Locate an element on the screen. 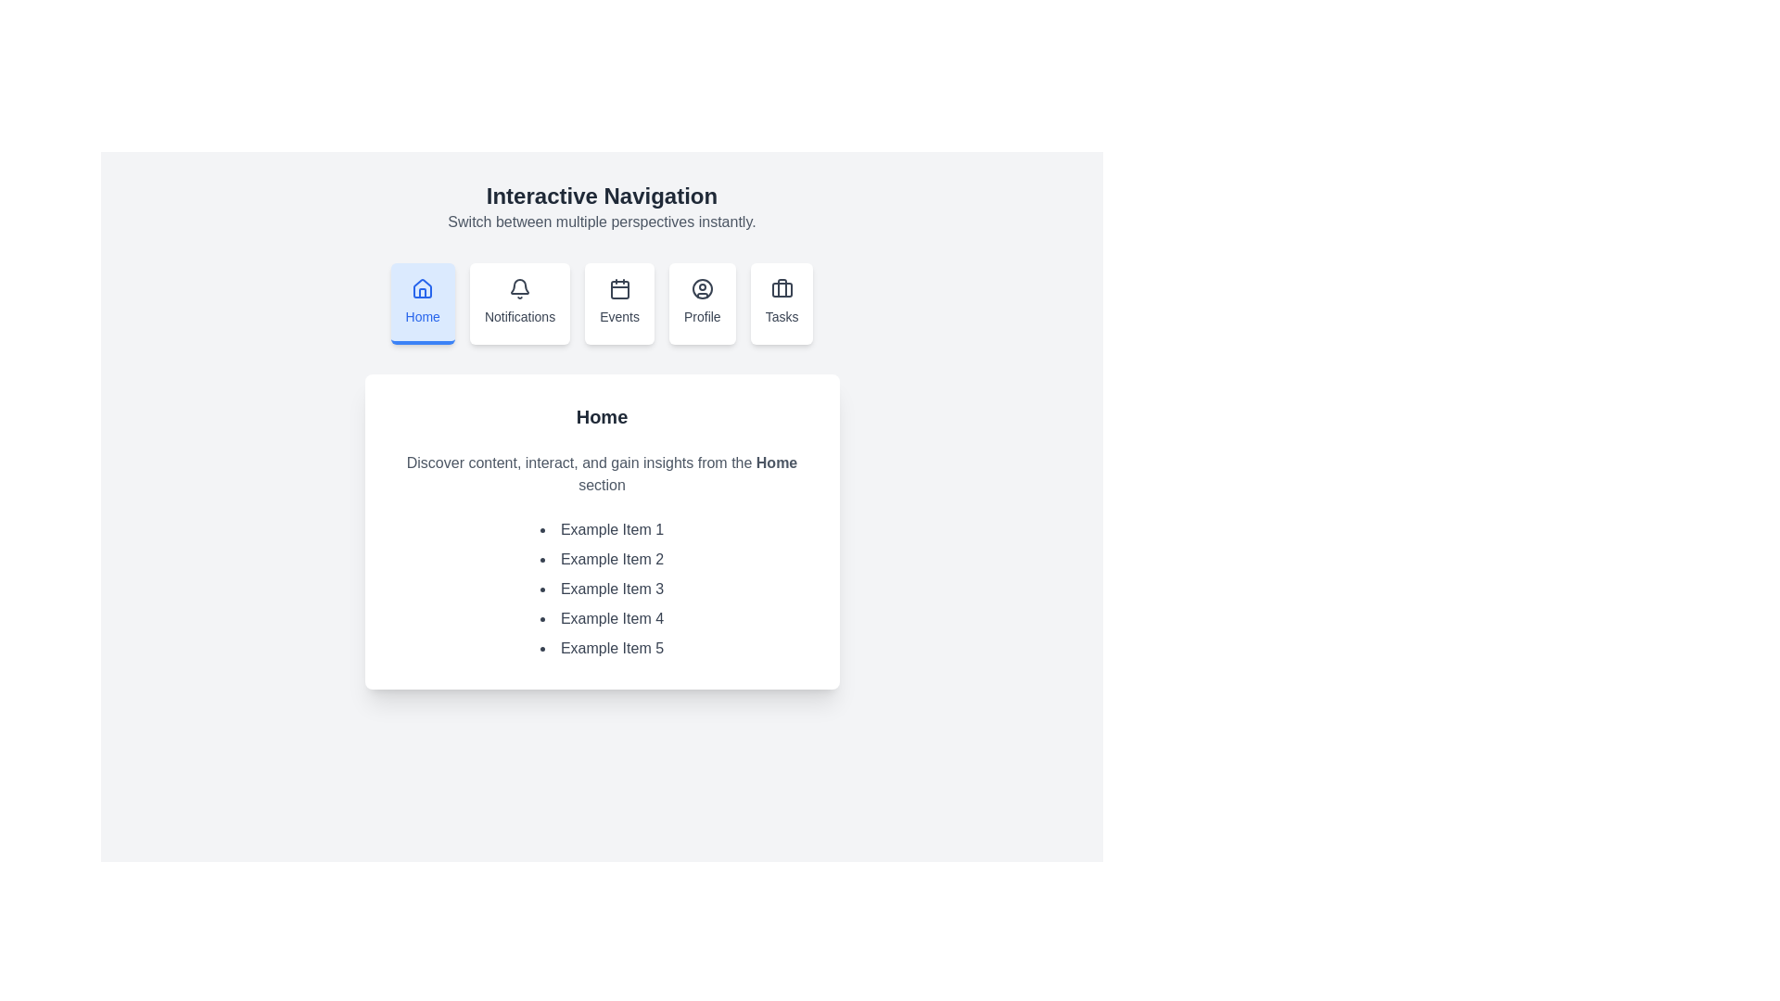 The width and height of the screenshot is (1780, 1001). the text entry of the third item in the vertical bulleted list located under the 'Home' section heading is located at coordinates (602, 589).